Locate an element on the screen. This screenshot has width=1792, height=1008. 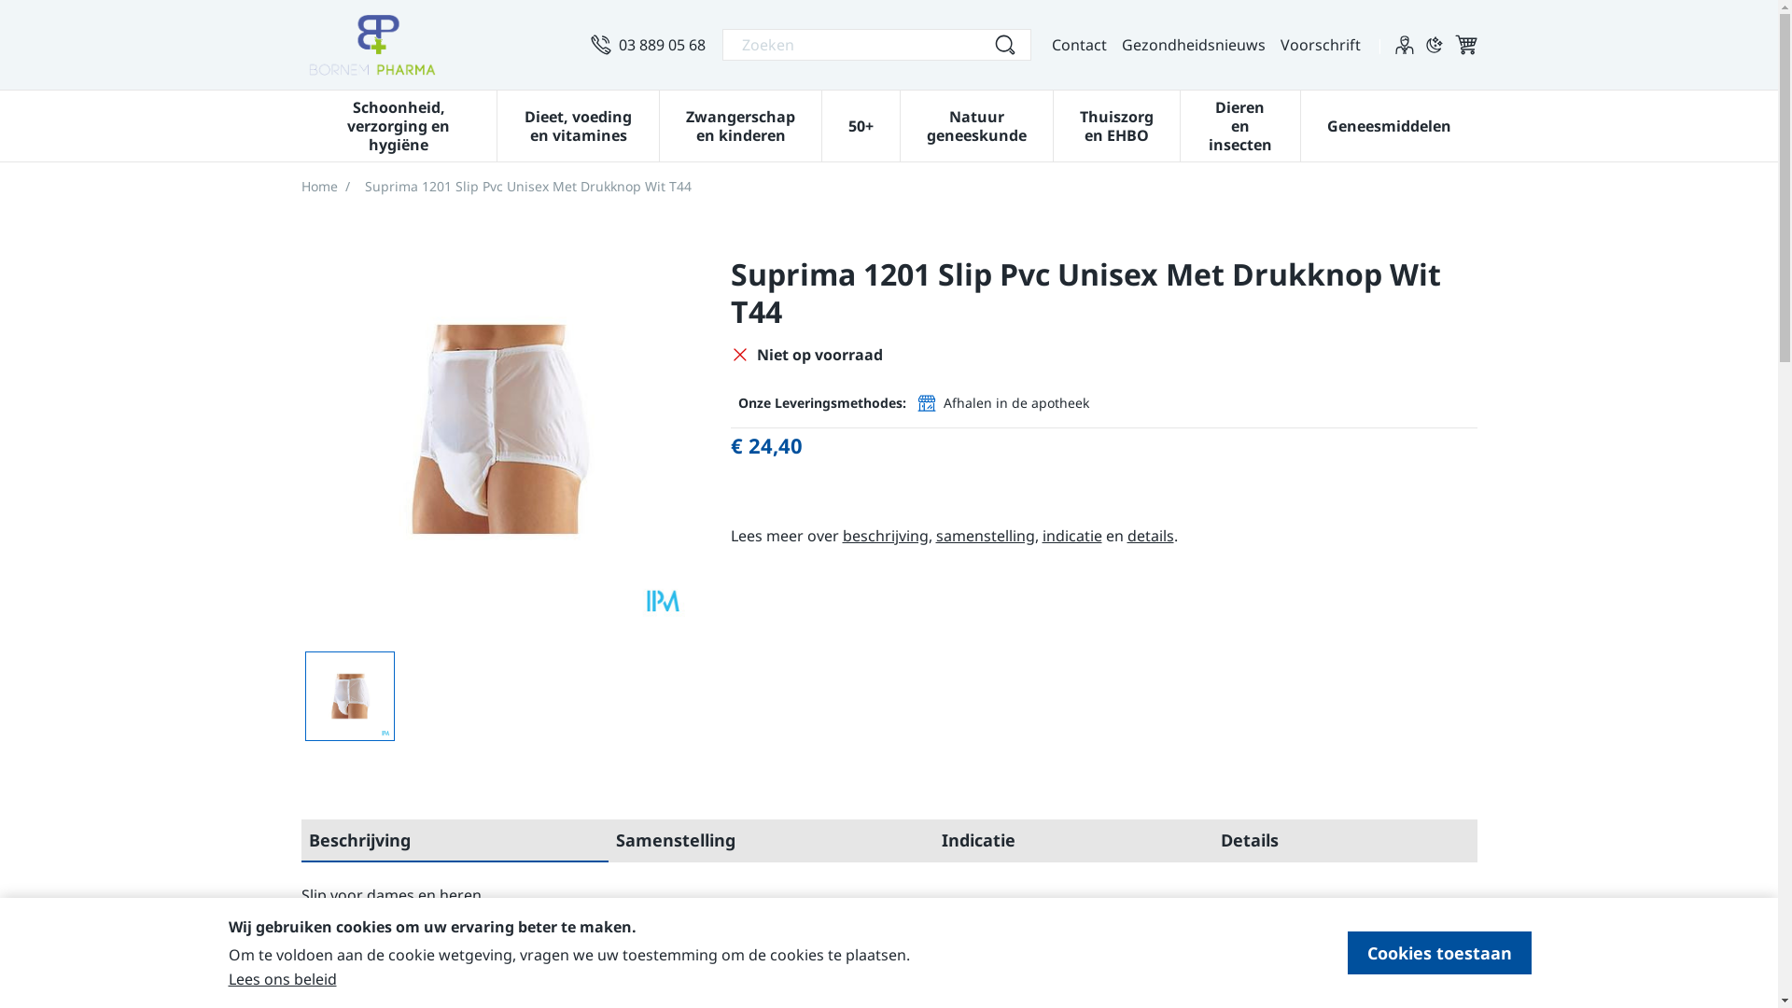
'Zoeken' is located at coordinates (1002, 43).